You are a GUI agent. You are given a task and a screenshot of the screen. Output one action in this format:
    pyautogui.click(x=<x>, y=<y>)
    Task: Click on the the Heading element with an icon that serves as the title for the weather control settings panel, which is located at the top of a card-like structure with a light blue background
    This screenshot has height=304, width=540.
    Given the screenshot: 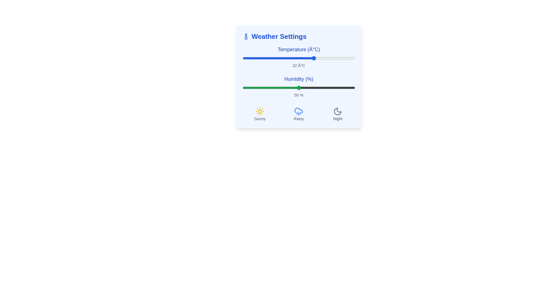 What is the action you would take?
    pyautogui.click(x=298, y=37)
    